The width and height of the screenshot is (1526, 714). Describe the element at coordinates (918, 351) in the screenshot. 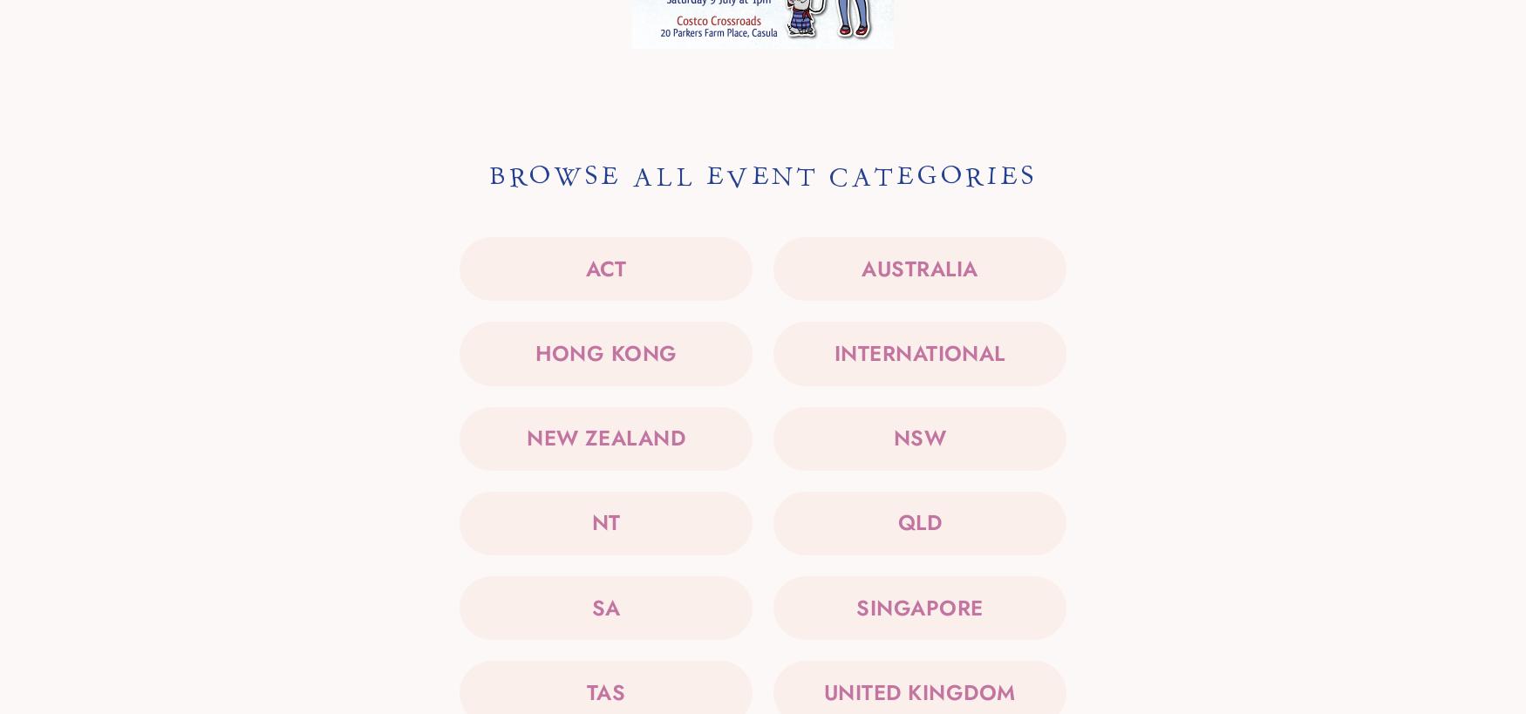

I see `'International'` at that location.